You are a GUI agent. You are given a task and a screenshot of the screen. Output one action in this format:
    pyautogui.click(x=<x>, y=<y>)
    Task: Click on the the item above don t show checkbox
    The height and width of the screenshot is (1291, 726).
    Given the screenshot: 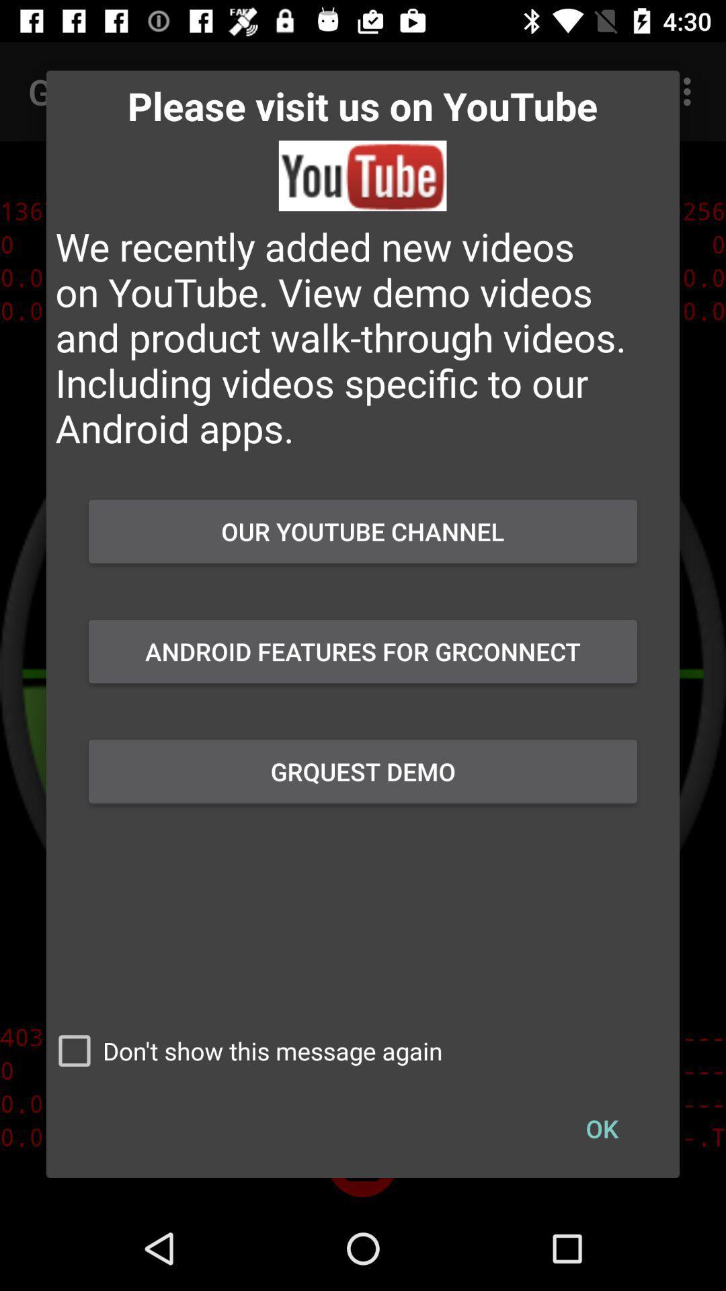 What is the action you would take?
    pyautogui.click(x=363, y=771)
    